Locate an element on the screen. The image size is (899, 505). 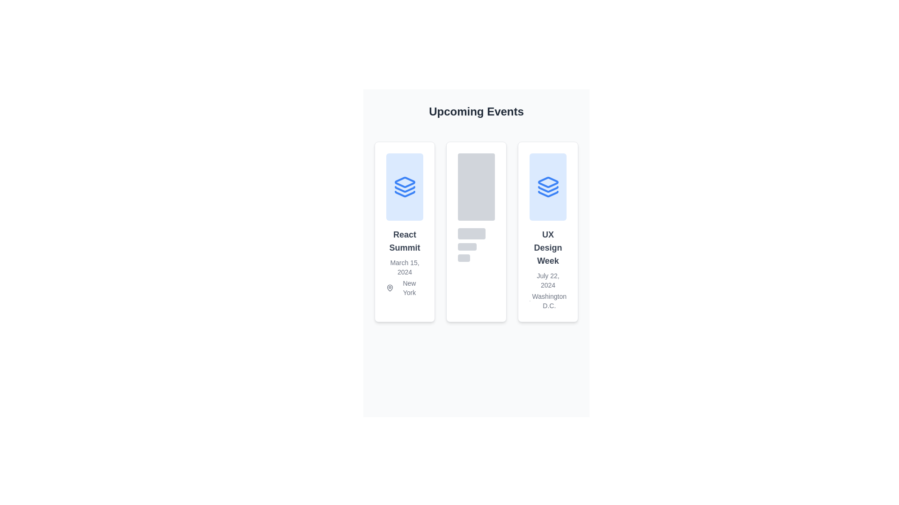
the stack-like icon composed of three blue-layered rectangles with rounded corners, located in the top section of the third card labeled 'UX Design Week' under the 'Upcoming Events' heading is located at coordinates (548, 187).